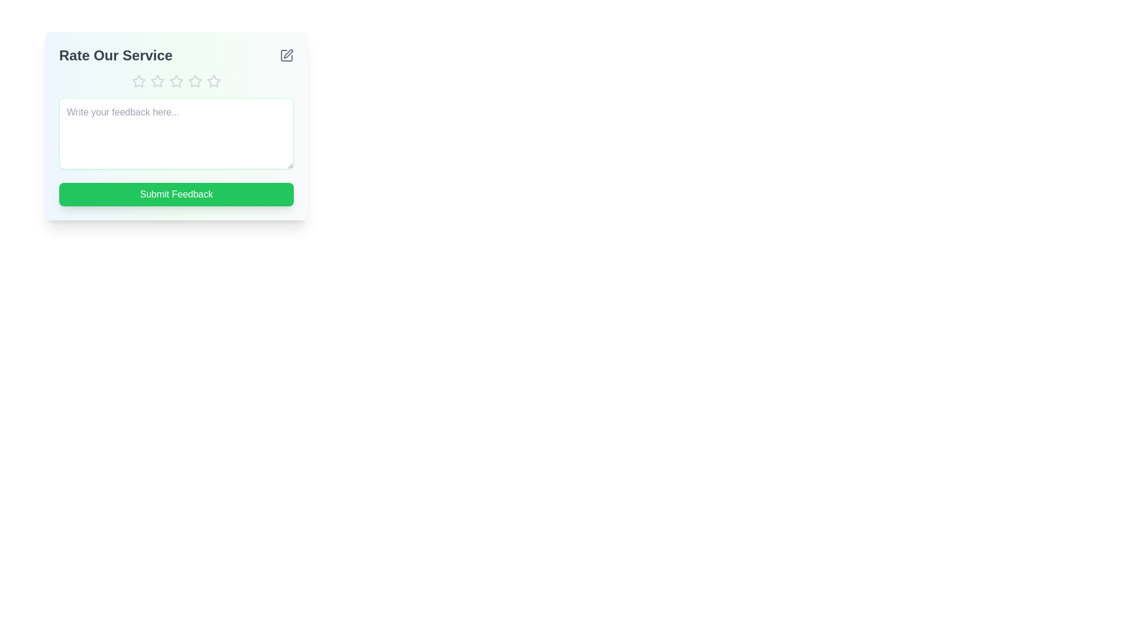 The height and width of the screenshot is (633, 1126). Describe the element at coordinates (195, 80) in the screenshot. I see `the rating to 4 stars by clicking the corresponding star button` at that location.